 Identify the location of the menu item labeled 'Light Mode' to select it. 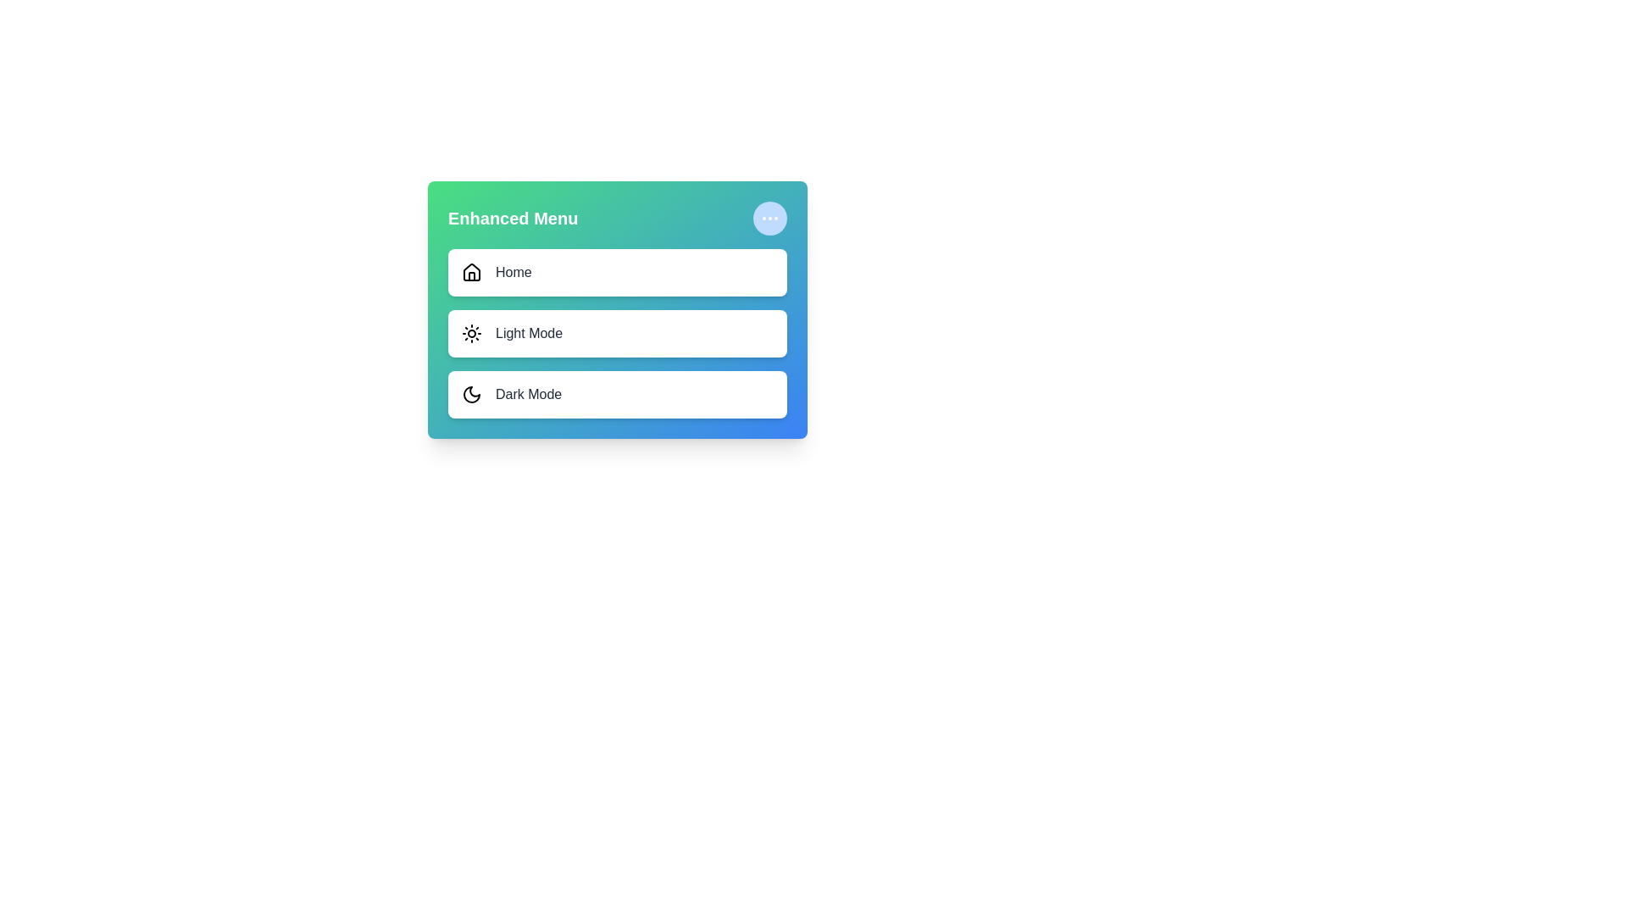
(617, 333).